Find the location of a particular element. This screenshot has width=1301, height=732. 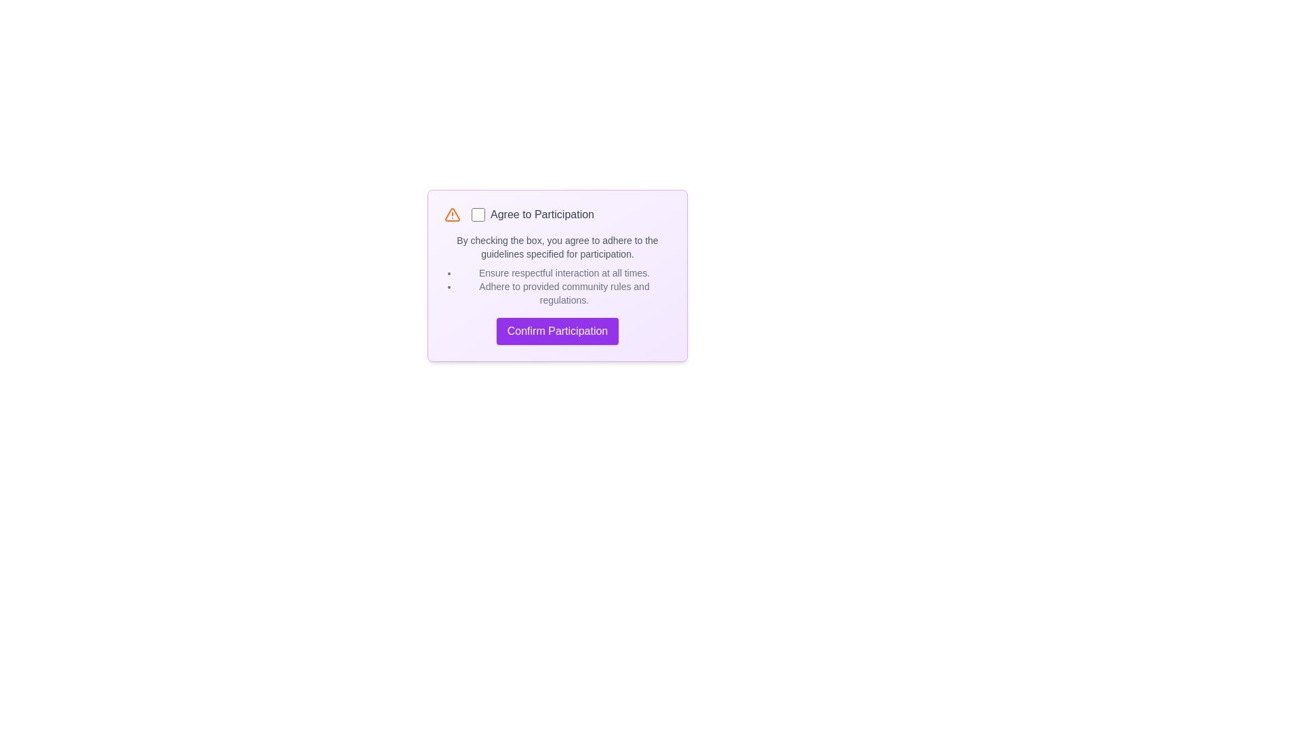

the Text block element that contains guidelines and rules for participation, located in the middle section of a card-like panel, below the 'Agree to Participation' checkbox and above the 'Confirm Participation' button is located at coordinates (557, 270).